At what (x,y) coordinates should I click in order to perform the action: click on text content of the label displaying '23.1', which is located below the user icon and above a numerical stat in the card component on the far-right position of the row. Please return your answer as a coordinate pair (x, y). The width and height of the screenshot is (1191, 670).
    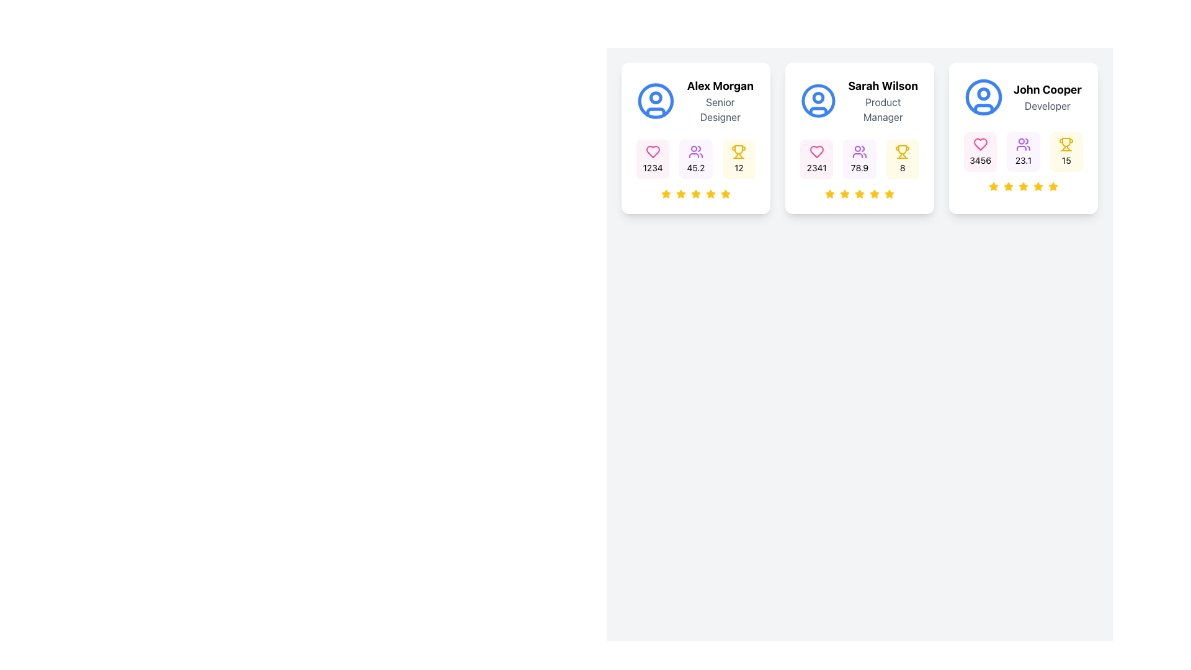
    Looking at the image, I should click on (1024, 159).